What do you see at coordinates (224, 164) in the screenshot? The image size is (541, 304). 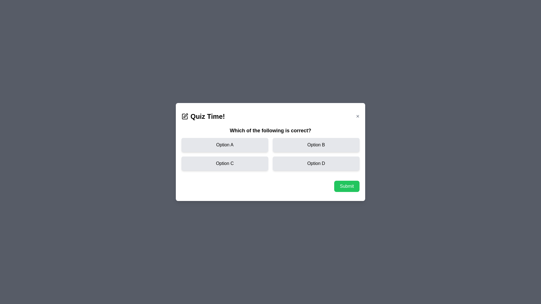 I see `the option Option C to select it` at bounding box center [224, 164].